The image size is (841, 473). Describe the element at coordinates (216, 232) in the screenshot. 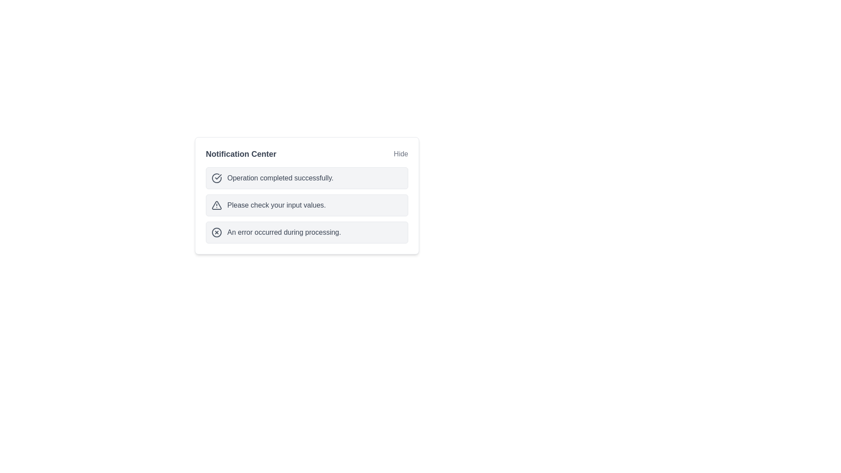

I see `the circular SVG shape that forms the outer boundary of the 'Notification Center' icon` at that location.